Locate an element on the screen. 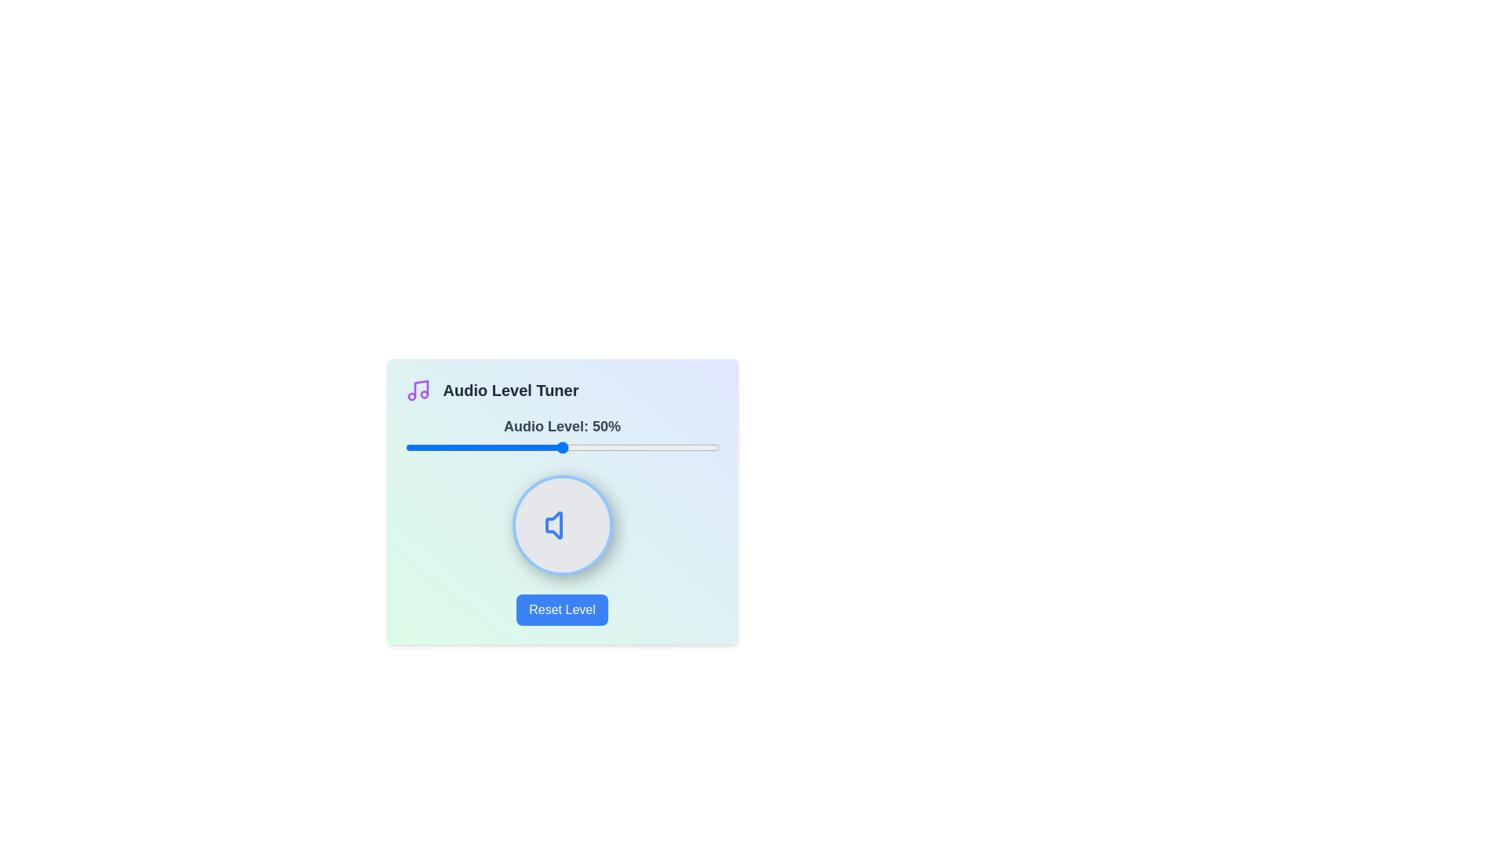 The height and width of the screenshot is (847, 1507). the audio level to 41% by dragging the slider is located at coordinates (534, 447).